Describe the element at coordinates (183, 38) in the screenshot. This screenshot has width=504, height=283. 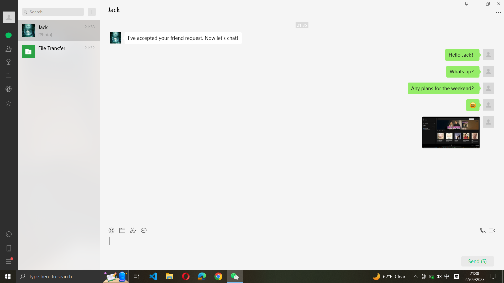
I see `Duplicate a message sent by Jack` at that location.